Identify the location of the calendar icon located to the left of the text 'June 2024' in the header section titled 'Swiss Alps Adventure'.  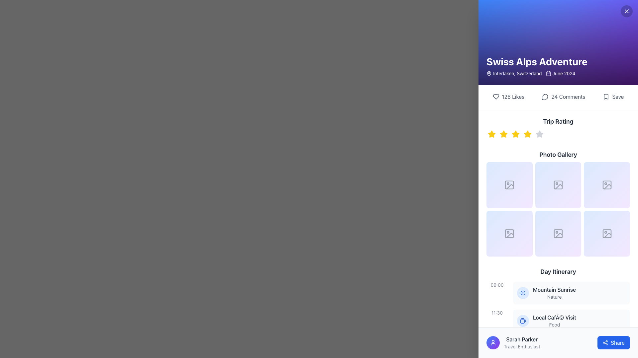
(548, 74).